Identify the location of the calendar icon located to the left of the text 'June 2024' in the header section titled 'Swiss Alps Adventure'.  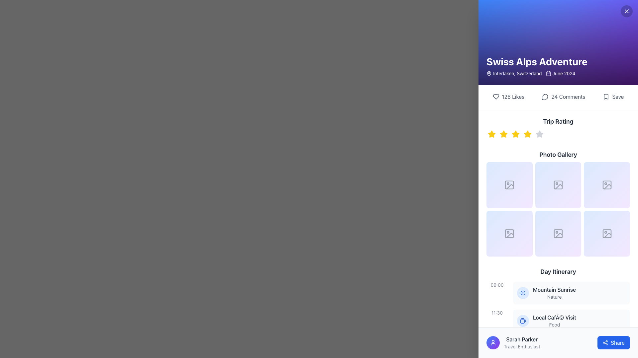
(548, 74).